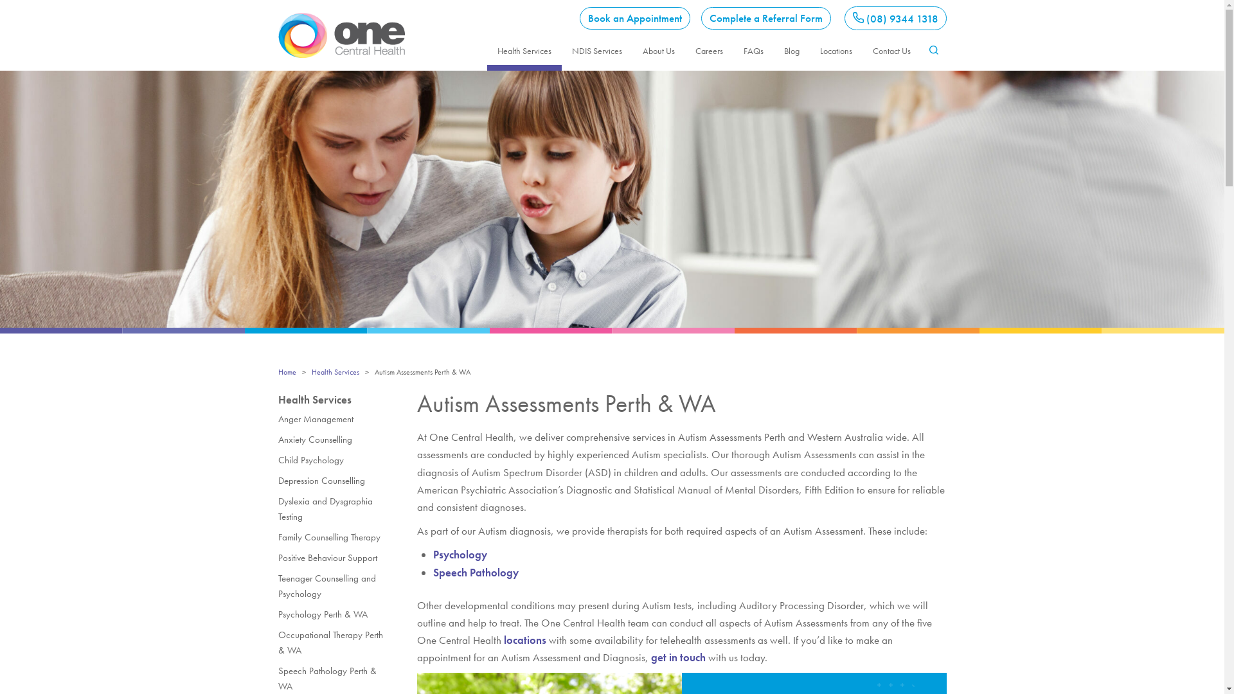 The image size is (1234, 694). What do you see at coordinates (524, 639) in the screenshot?
I see `'locations'` at bounding box center [524, 639].